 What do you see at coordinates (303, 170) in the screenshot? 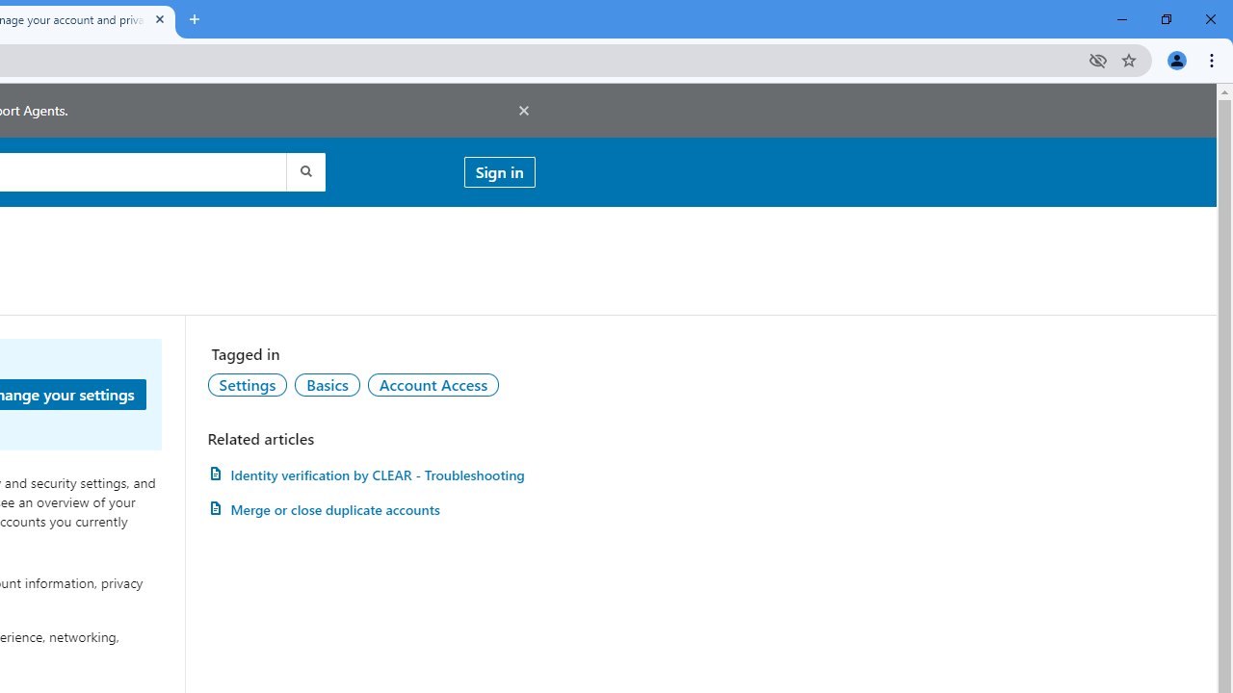
I see `'Submit search'` at bounding box center [303, 170].